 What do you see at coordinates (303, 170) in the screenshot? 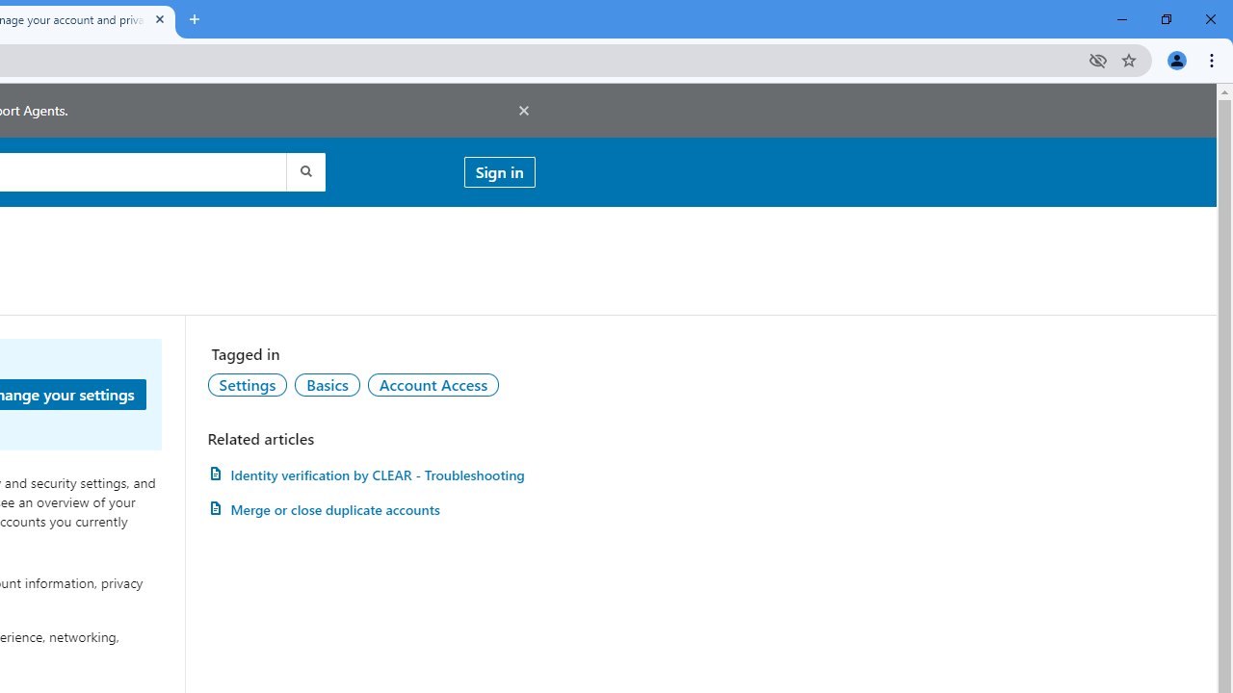
I see `'Submit search'` at bounding box center [303, 170].